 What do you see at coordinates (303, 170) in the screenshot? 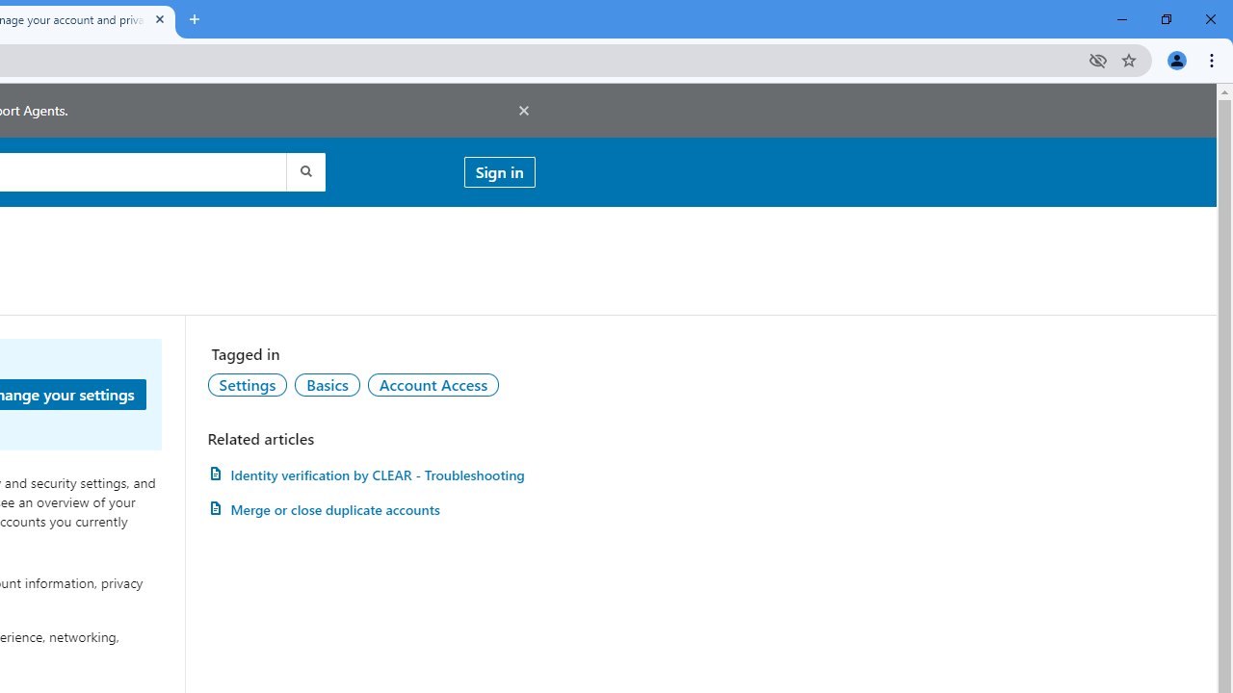
I see `'Submit search'` at bounding box center [303, 170].